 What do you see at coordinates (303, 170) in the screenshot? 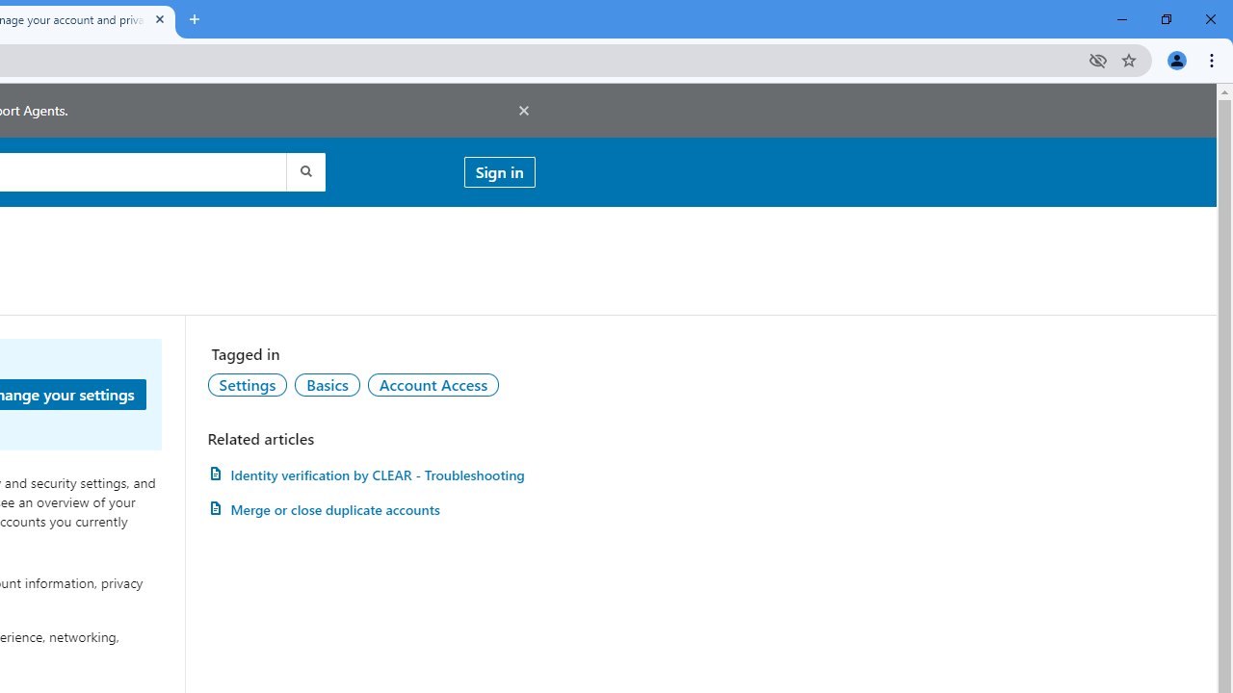
I see `'Submit search'` at bounding box center [303, 170].